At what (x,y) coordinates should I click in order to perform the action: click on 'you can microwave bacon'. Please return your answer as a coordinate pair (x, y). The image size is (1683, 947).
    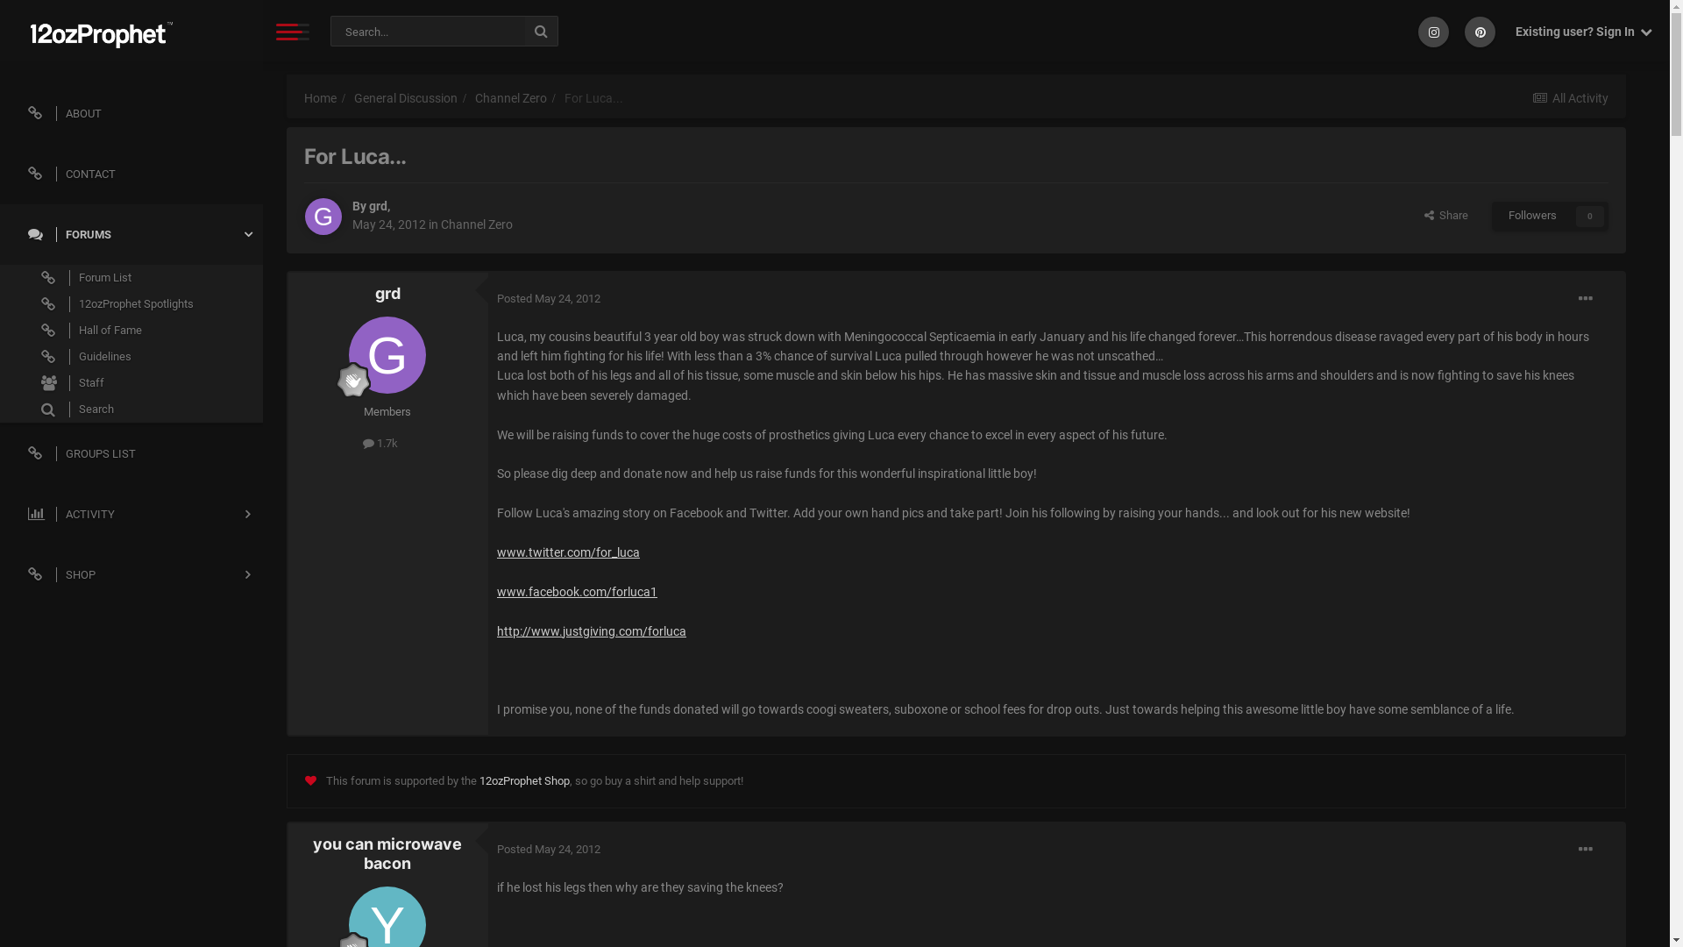
    Looking at the image, I should click on (386, 852).